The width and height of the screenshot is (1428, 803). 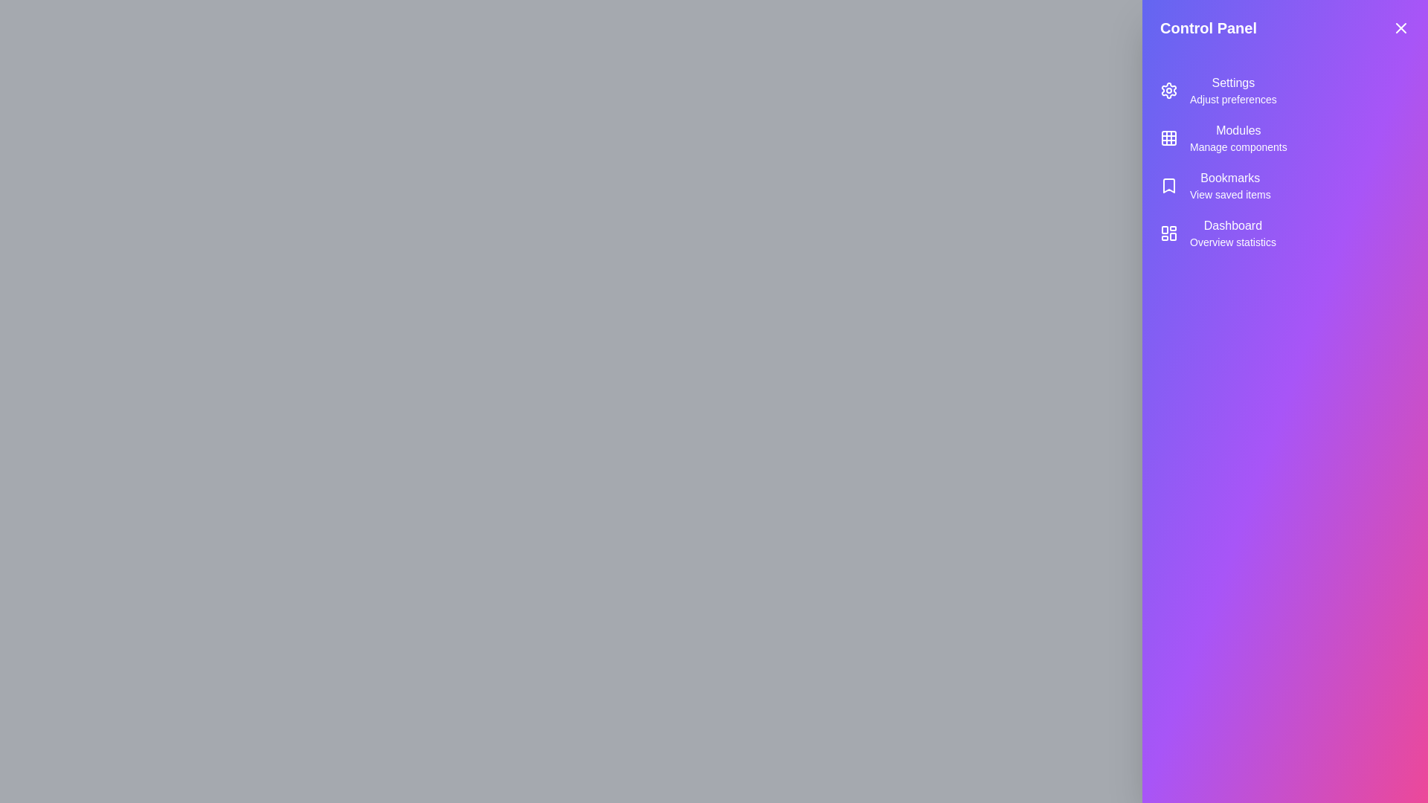 What do you see at coordinates (1230, 194) in the screenshot?
I see `the supplementary Text Label below the 'Bookmarks' menu item in the Control Panel to trigger additional effects` at bounding box center [1230, 194].